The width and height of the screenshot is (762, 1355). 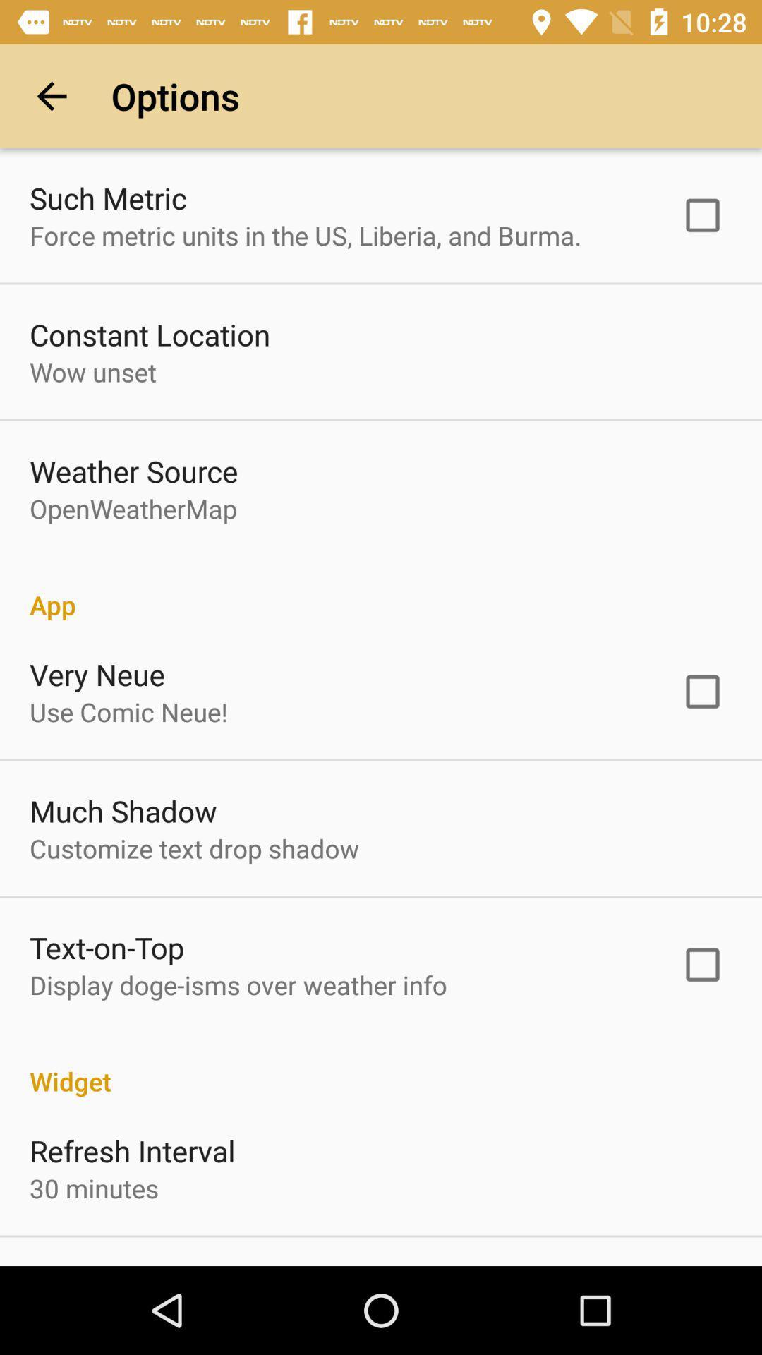 I want to click on much shadow app, so click(x=122, y=810).